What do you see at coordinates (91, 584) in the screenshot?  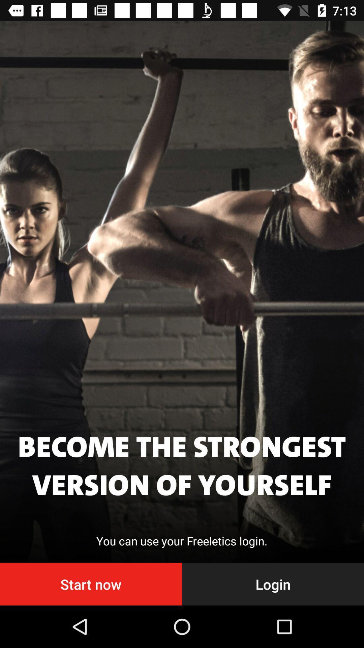 I see `the item to the left of login icon` at bounding box center [91, 584].